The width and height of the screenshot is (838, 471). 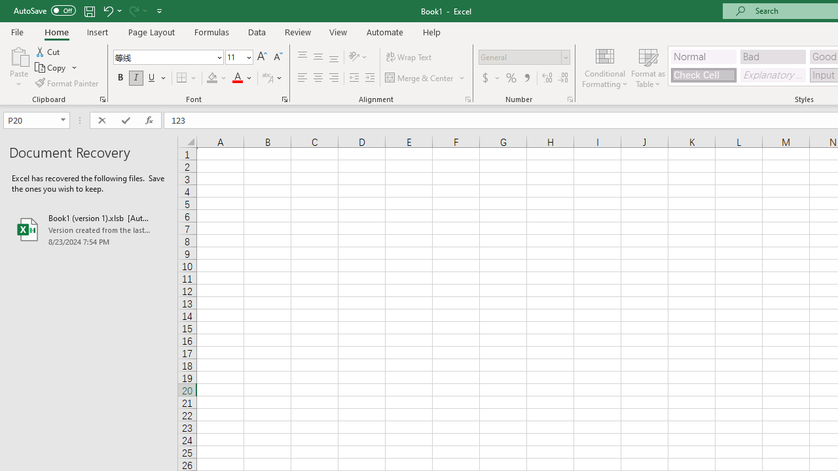 What do you see at coordinates (266, 78) in the screenshot?
I see `'Show Phonetic Field'` at bounding box center [266, 78].